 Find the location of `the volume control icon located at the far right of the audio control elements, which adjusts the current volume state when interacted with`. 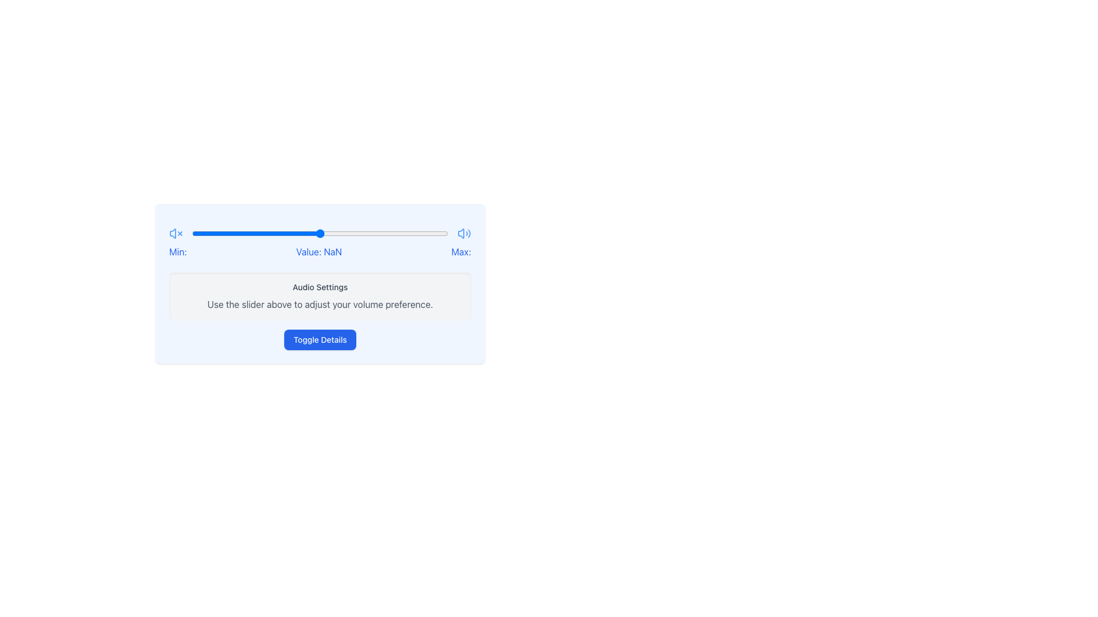

the volume control icon located at the far right of the audio control elements, which adjusts the current volume state when interacted with is located at coordinates (464, 233).